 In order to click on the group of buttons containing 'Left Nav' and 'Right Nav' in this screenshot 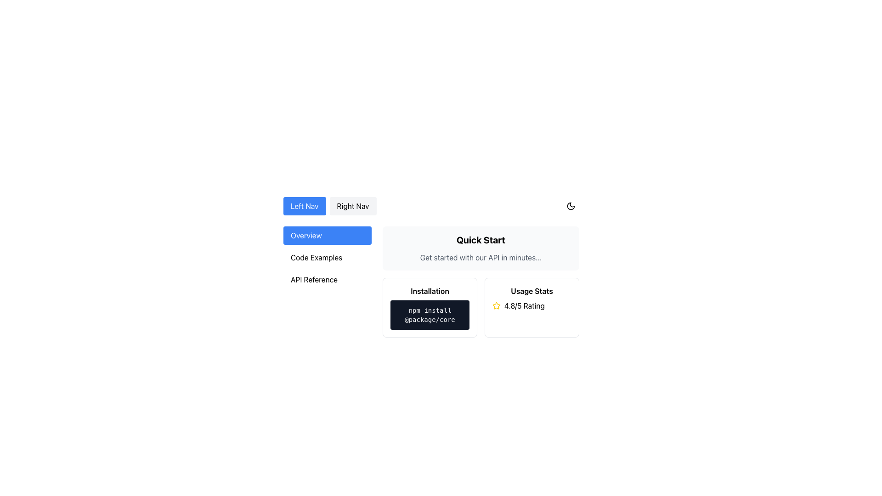, I will do `click(330, 205)`.